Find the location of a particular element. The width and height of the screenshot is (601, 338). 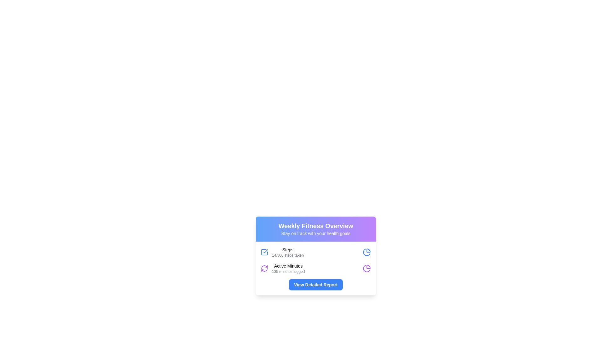

the SVG graphical element forming part of the pie chart icon, located in the upper-right quadrant of the chart, above the 'View Detailed Report' button in the 'Weekly Fitness Overview' card is located at coordinates (368, 267).